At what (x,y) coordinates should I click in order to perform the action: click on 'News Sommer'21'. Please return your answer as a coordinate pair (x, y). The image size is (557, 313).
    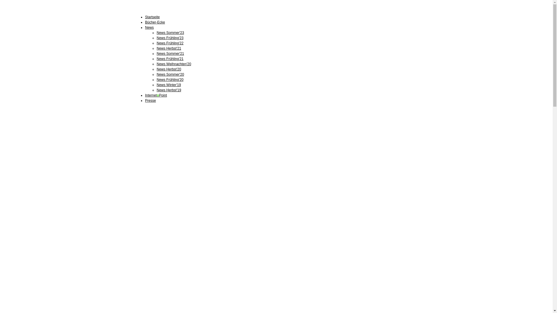
    Looking at the image, I should click on (170, 54).